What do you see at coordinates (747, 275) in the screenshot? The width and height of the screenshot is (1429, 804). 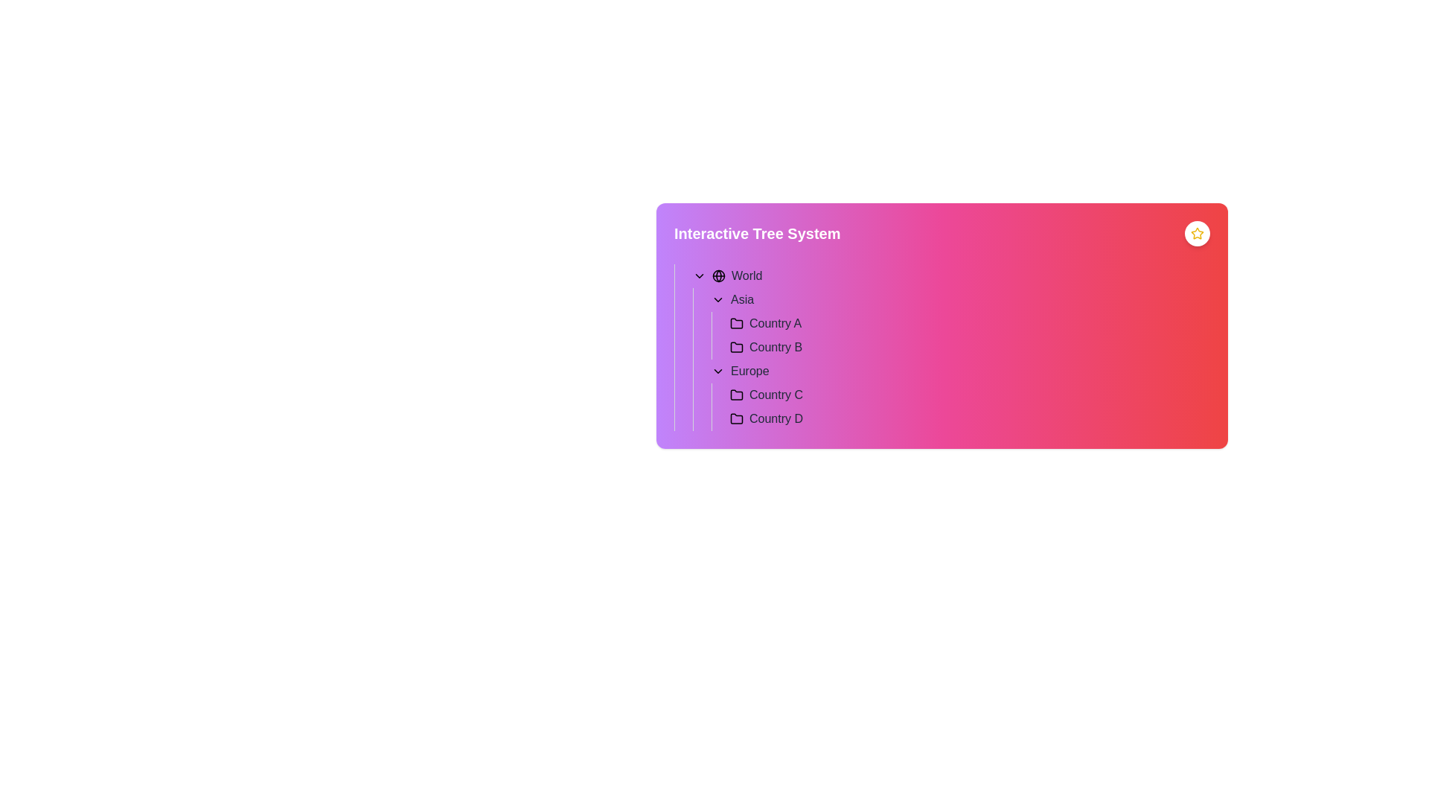 I see `the 'World' category label in the hierarchical tree structure, which is positioned to the right of a dropdown arrow and below a globe icon` at bounding box center [747, 275].